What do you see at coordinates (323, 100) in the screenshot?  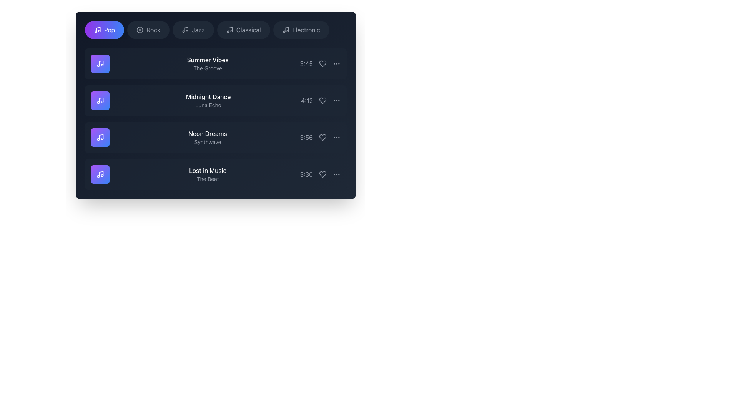 I see `the second heart-shaped icon in the list of songs` at bounding box center [323, 100].